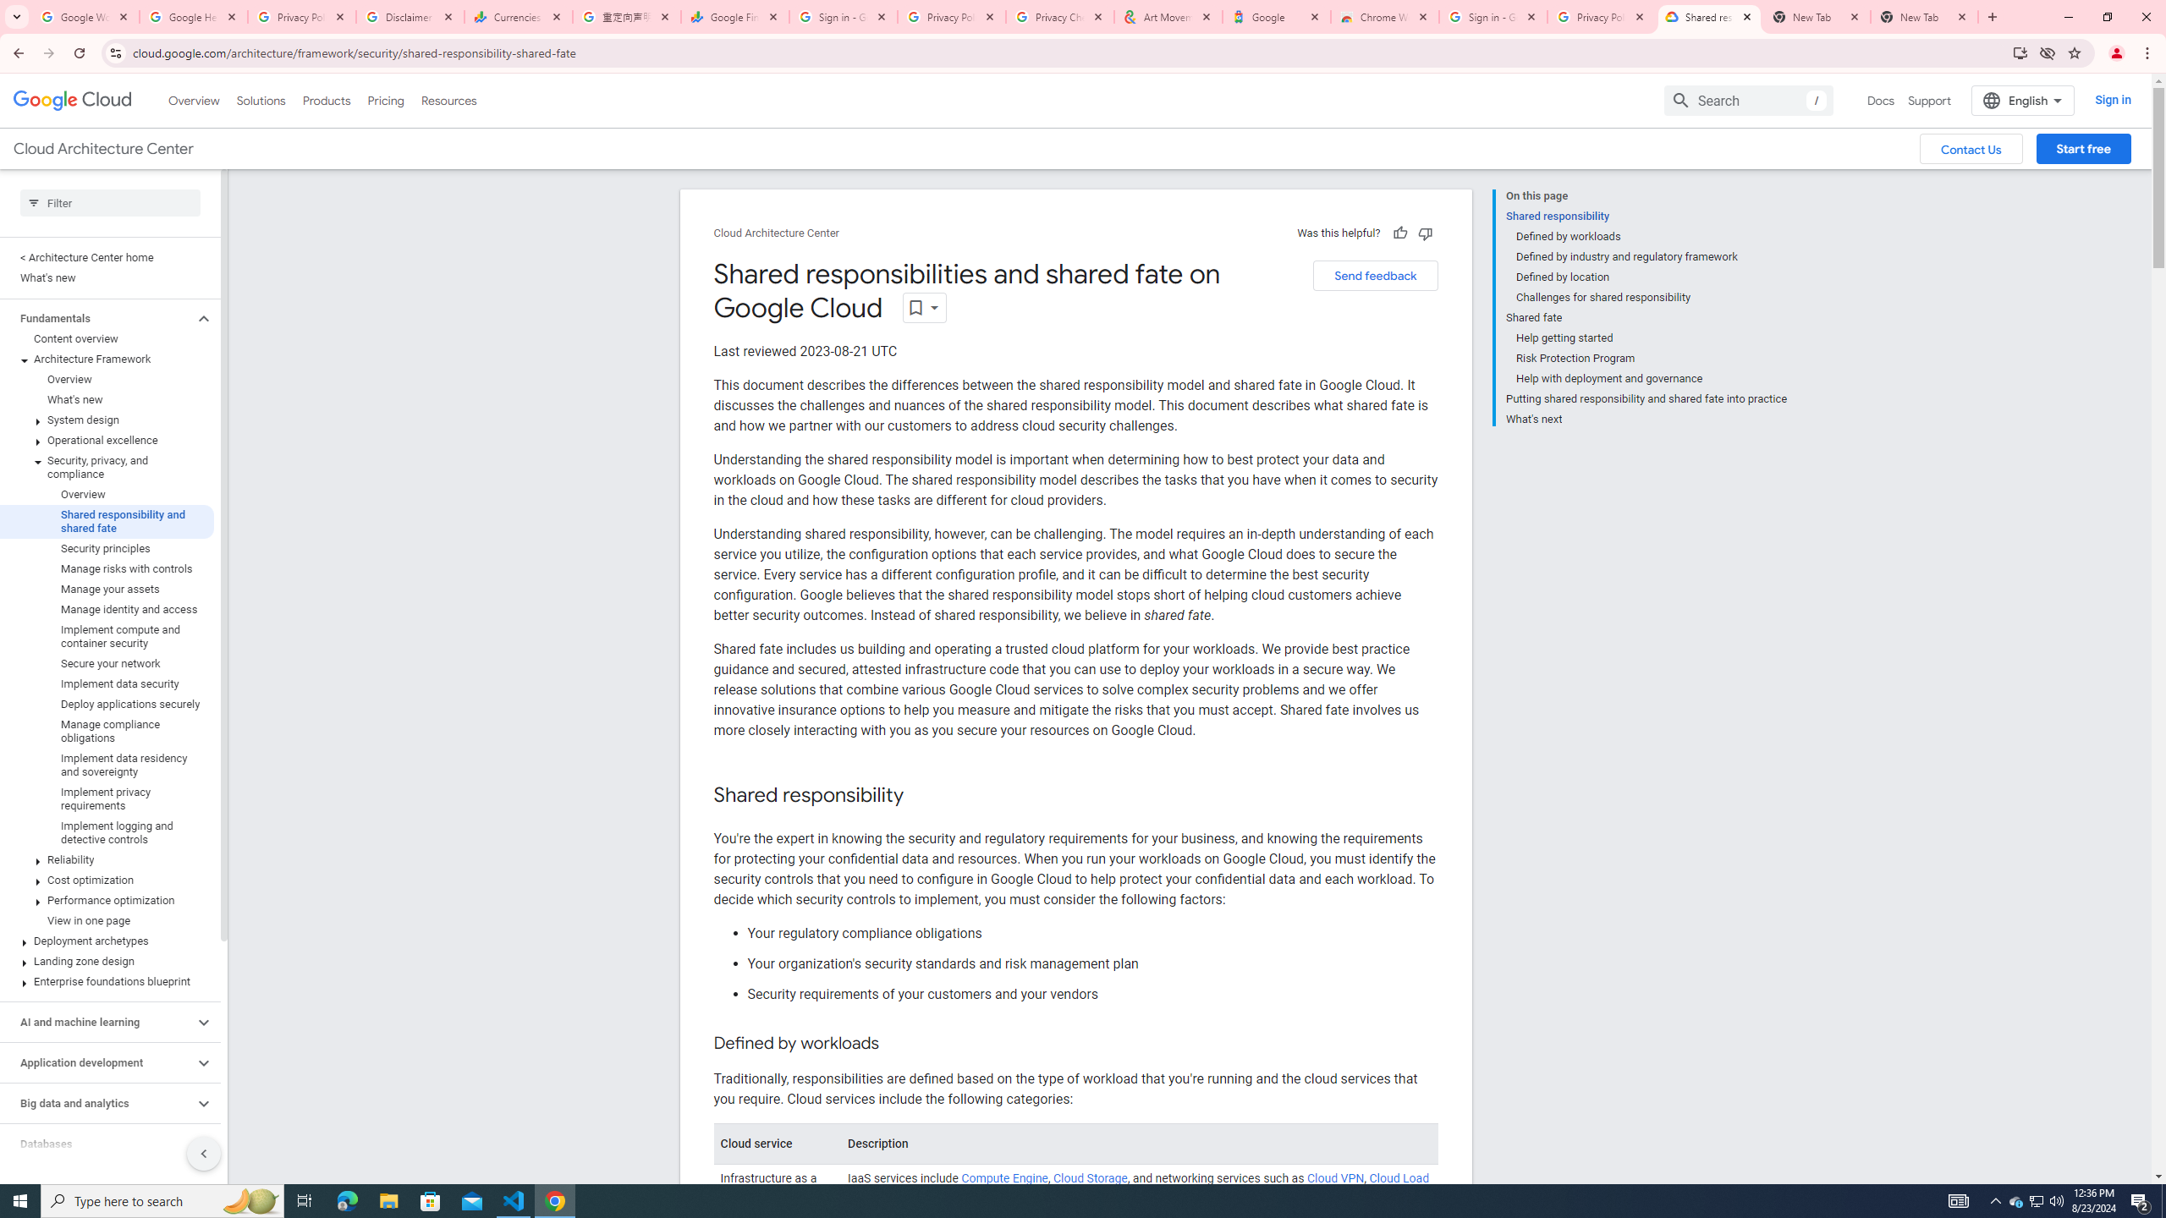  I want to click on 'Install Google Cloud', so click(2020, 52).